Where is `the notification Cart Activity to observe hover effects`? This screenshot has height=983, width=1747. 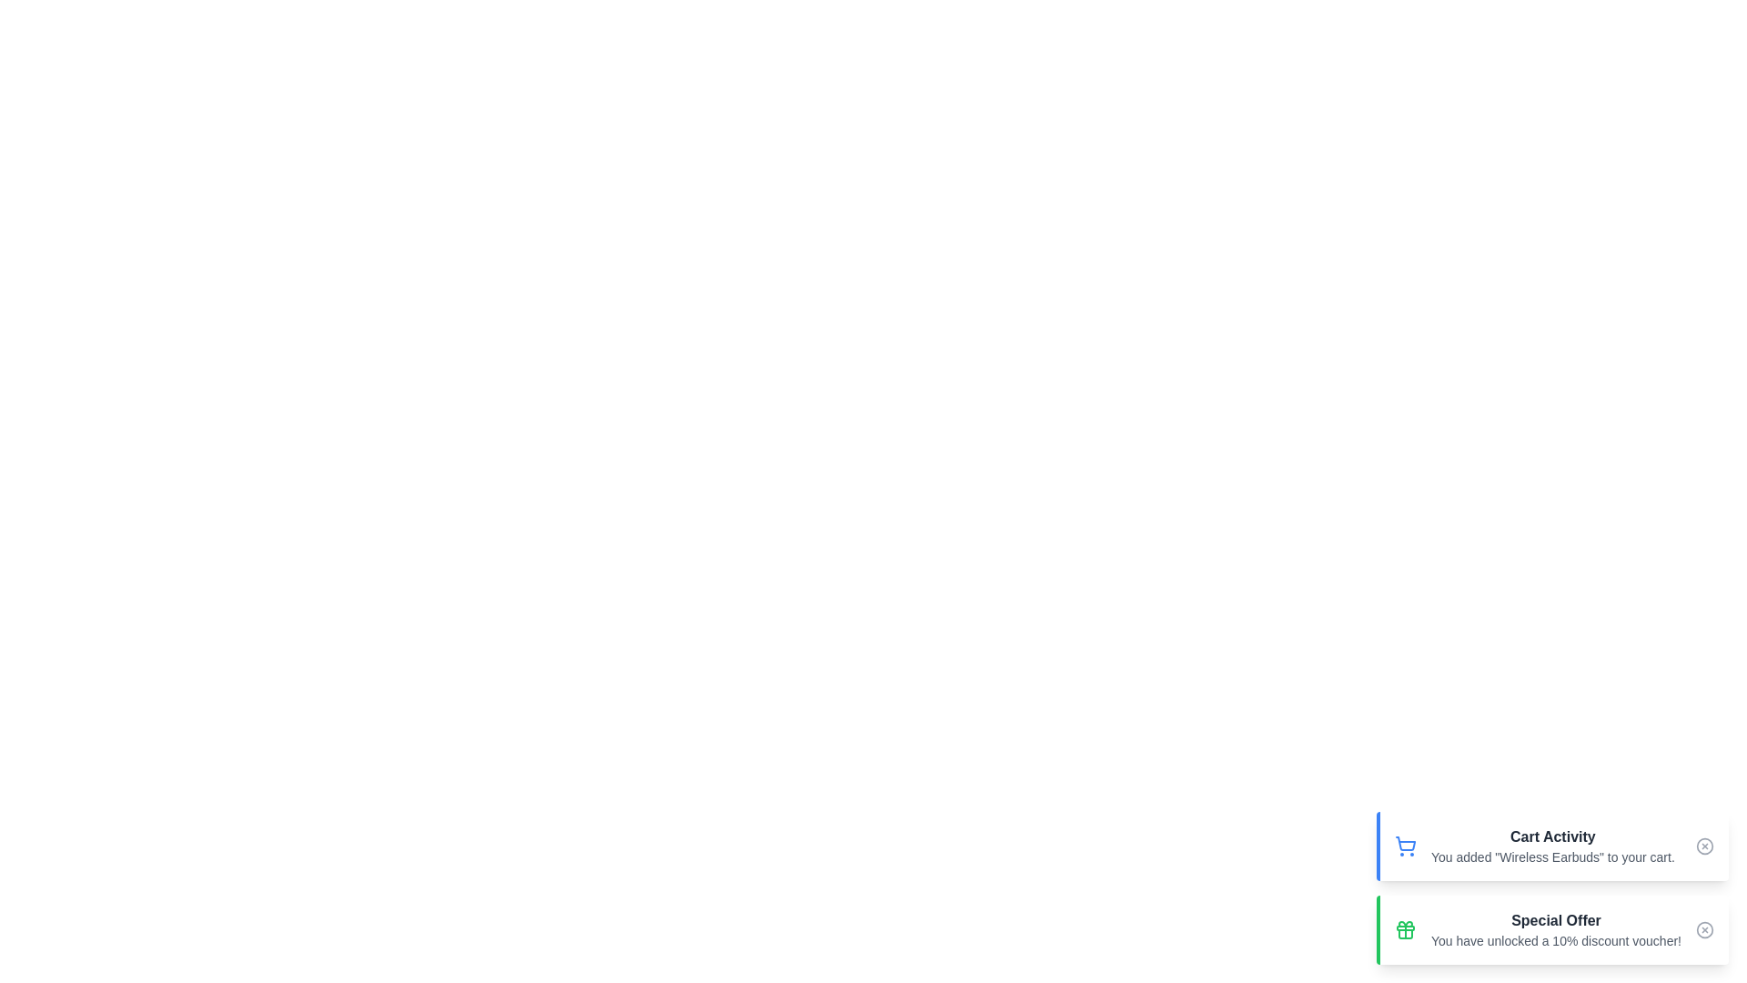 the notification Cart Activity to observe hover effects is located at coordinates (1550, 846).